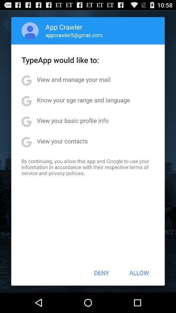 The width and height of the screenshot is (176, 313). What do you see at coordinates (101, 273) in the screenshot?
I see `item below the by continuing you` at bounding box center [101, 273].